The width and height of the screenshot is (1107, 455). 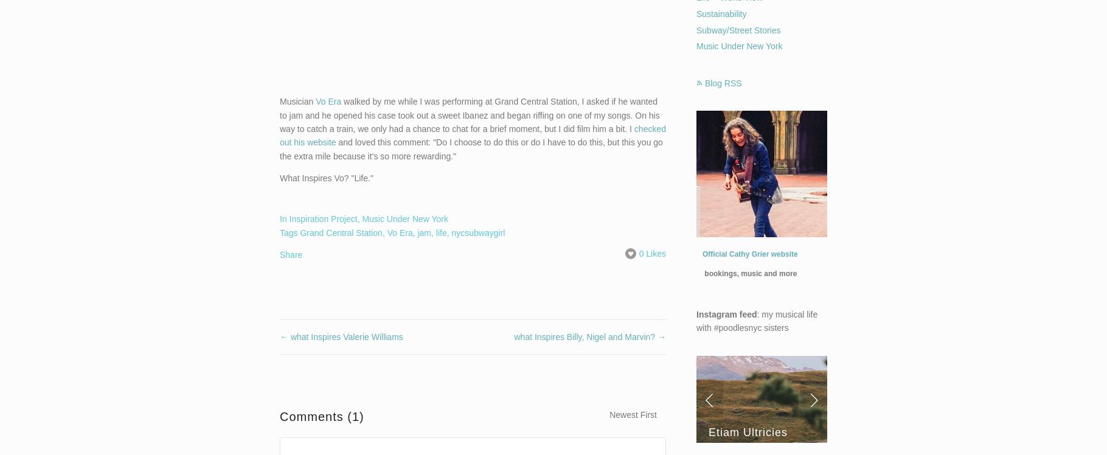 I want to click on 'checked out his website', so click(x=473, y=135).